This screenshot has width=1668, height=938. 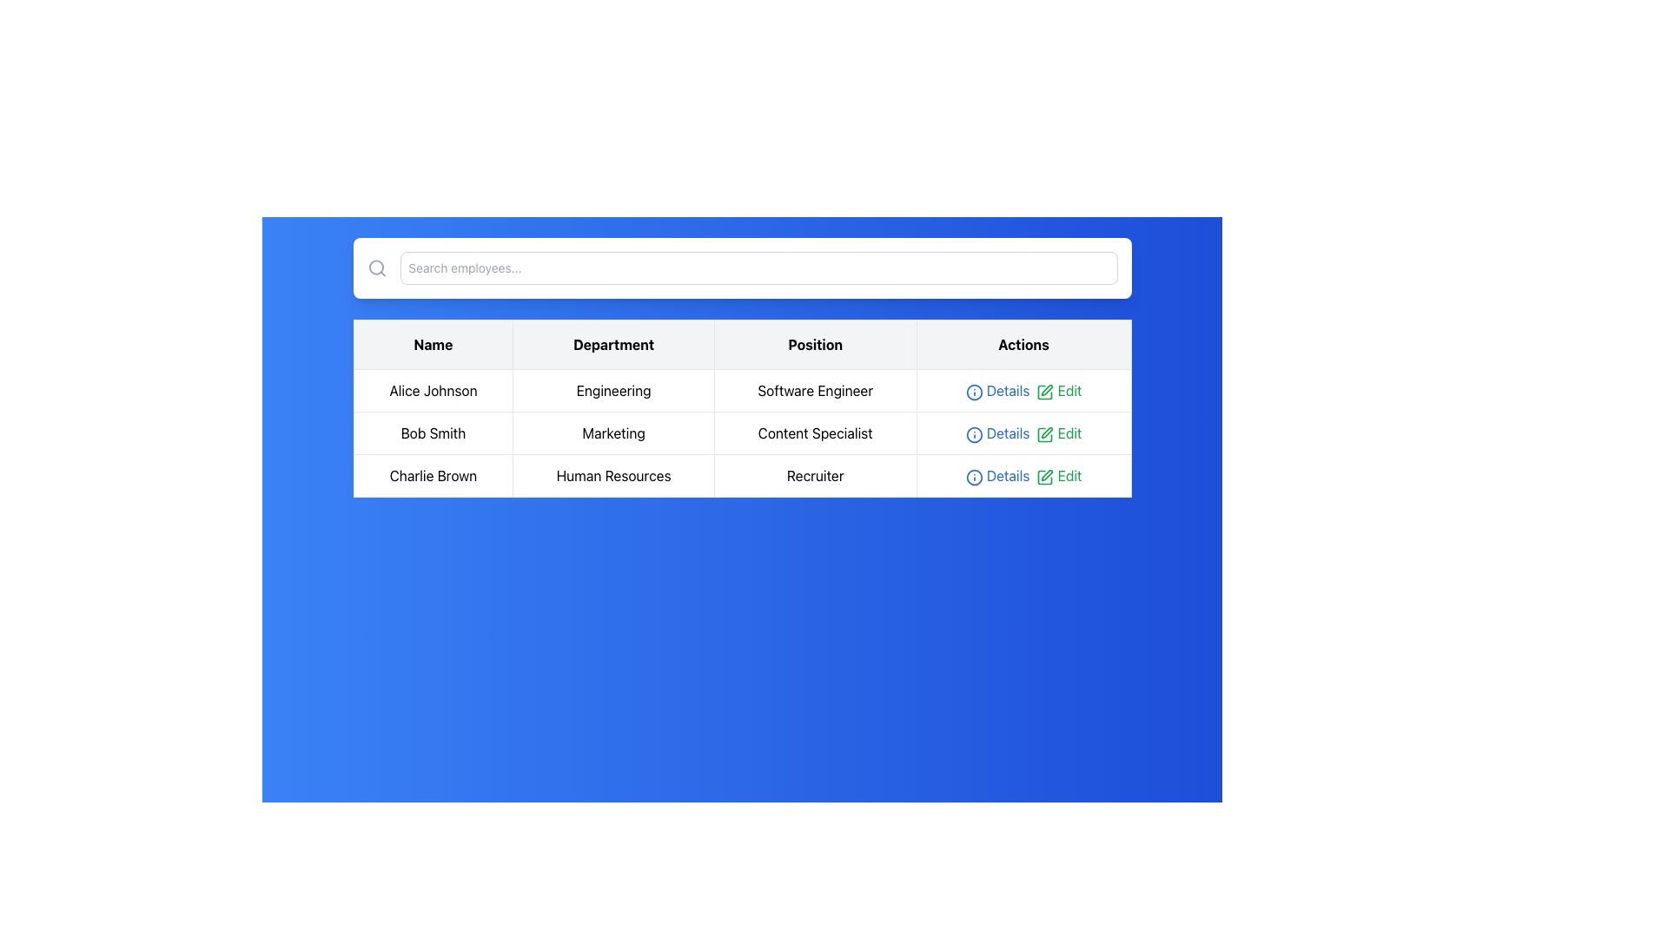 What do you see at coordinates (1044, 433) in the screenshot?
I see `the small pen icon button with a green outline representing the edit action for the row associated with 'Bob Smith' in the 'Actions' column of the table` at bounding box center [1044, 433].